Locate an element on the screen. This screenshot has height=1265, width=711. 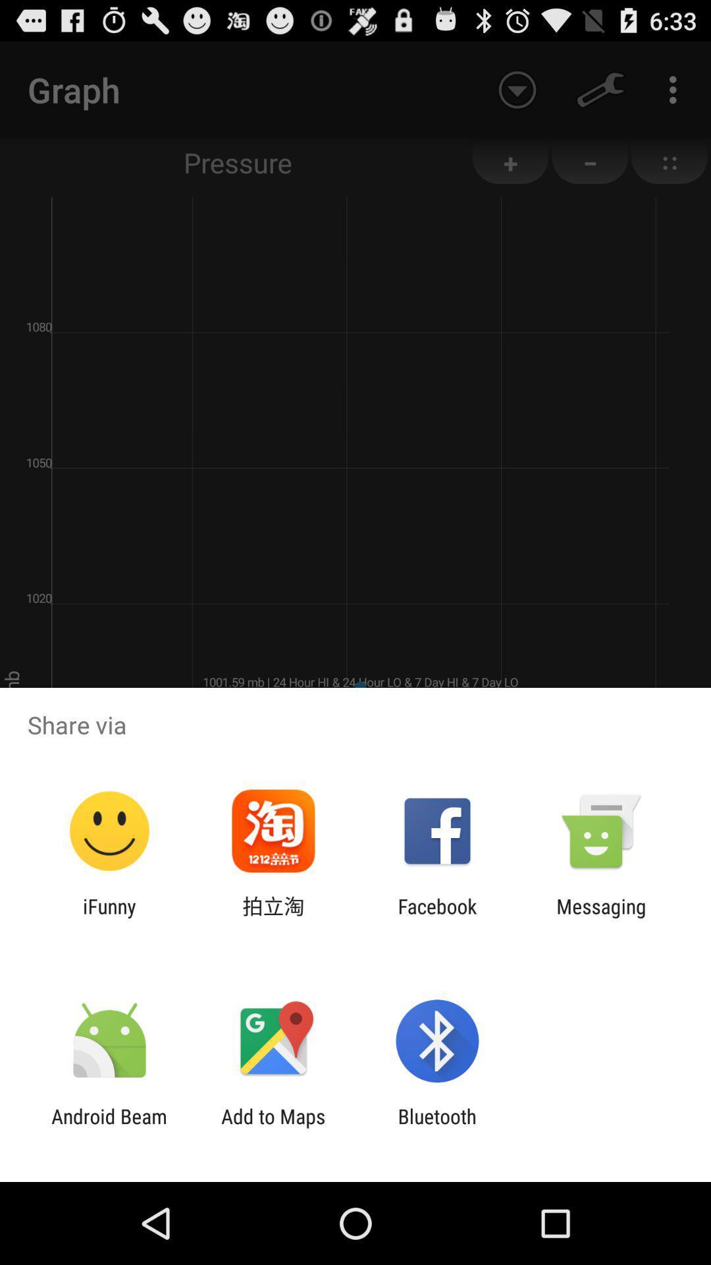
icon to the left of bluetooth is located at coordinates (273, 1127).